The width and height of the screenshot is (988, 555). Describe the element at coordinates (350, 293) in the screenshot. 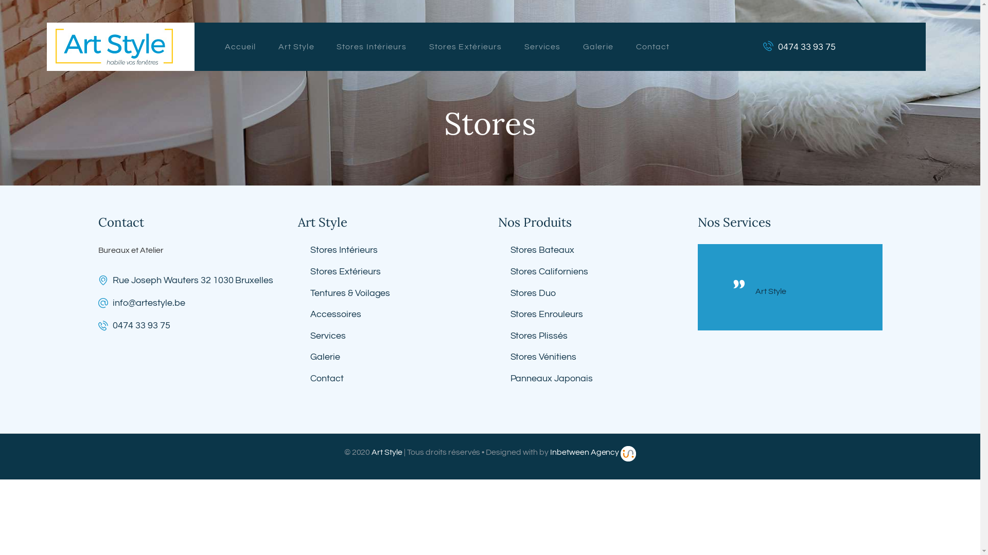

I see `'Tentures & Voilages'` at that location.